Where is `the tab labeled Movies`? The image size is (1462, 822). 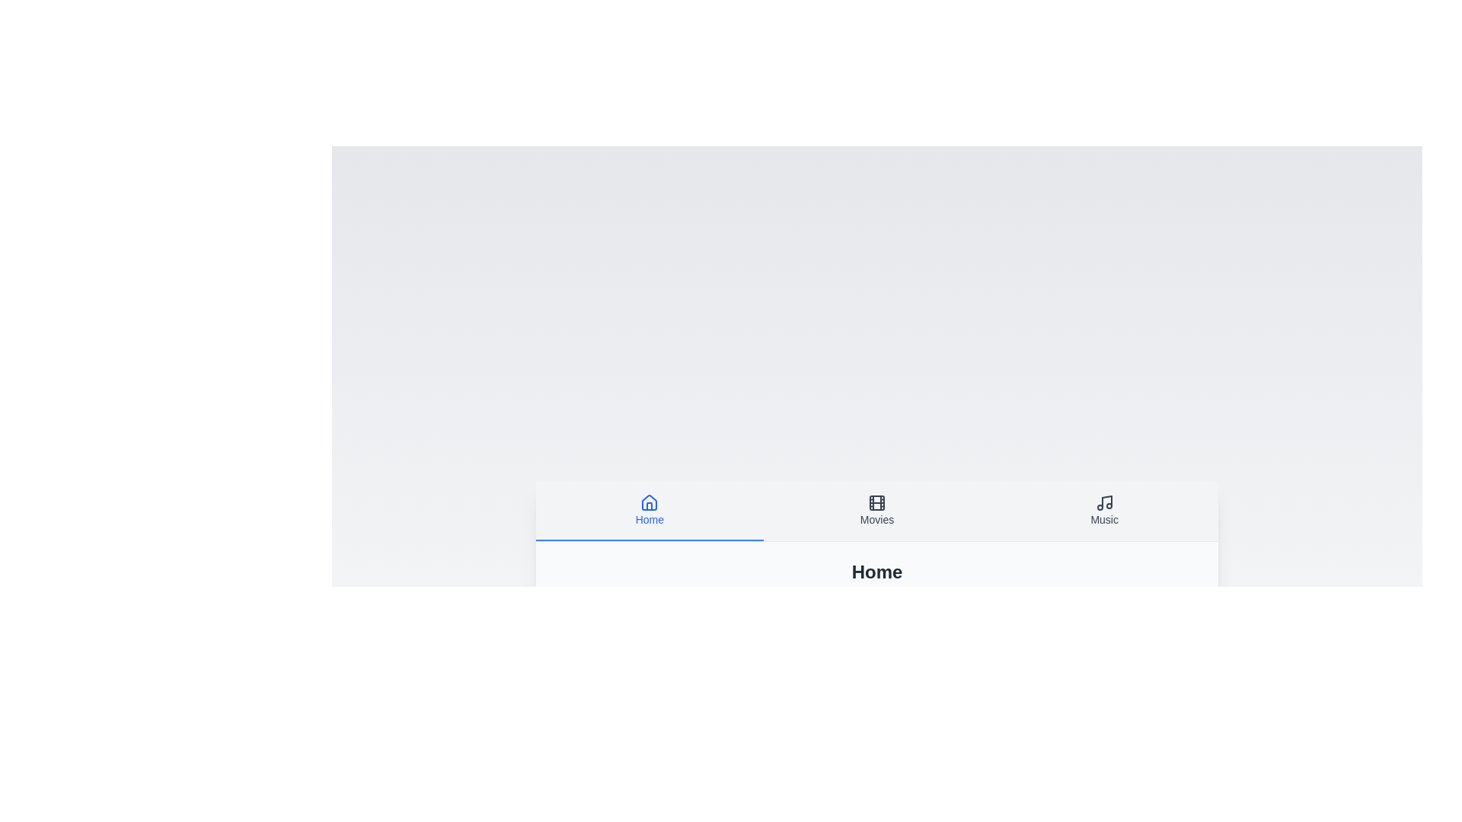
the tab labeled Movies is located at coordinates (877, 511).